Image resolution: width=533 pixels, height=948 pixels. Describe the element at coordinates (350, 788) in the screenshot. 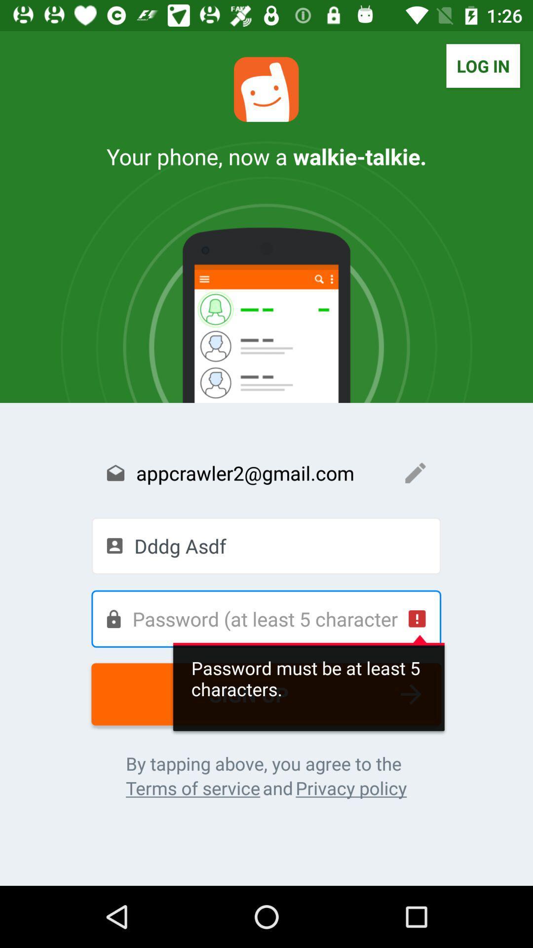

I see `privacy policy icon` at that location.